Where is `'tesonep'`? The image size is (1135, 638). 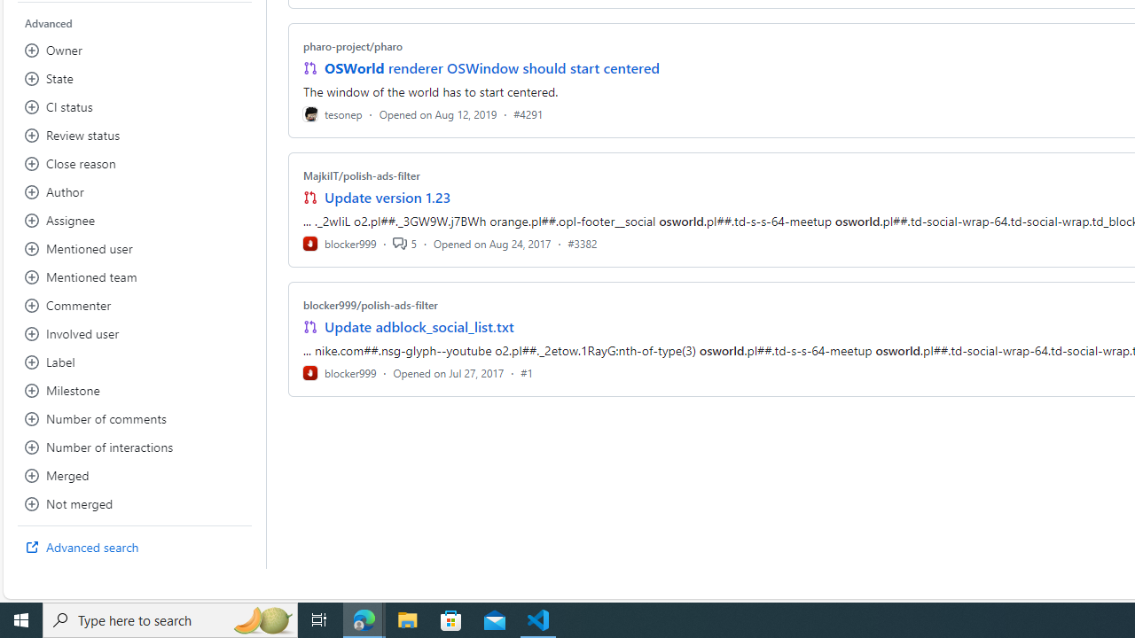 'tesonep' is located at coordinates (333, 113).